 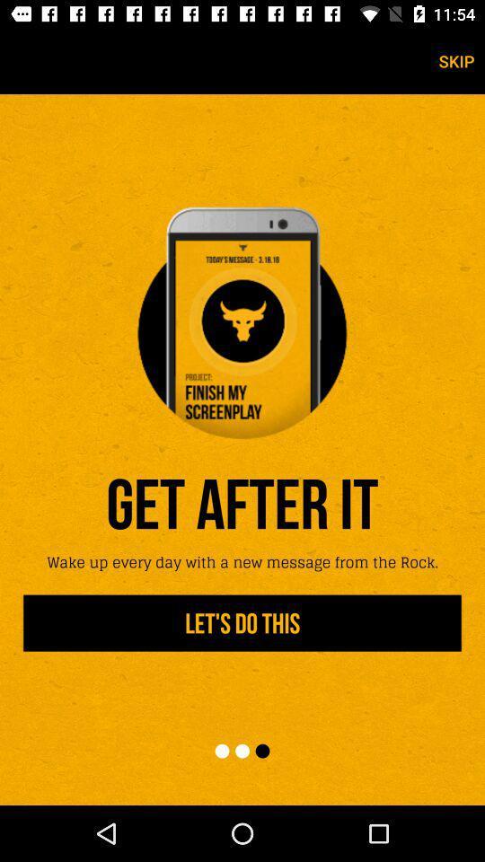 What do you see at coordinates (242, 623) in the screenshot?
I see `let s do item` at bounding box center [242, 623].